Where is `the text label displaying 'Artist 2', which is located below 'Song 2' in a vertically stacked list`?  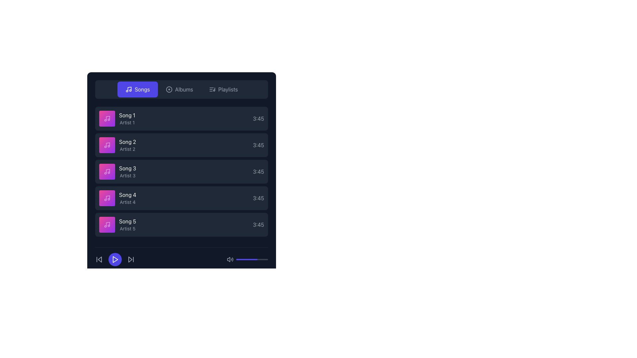
the text label displaying 'Artist 2', which is located below 'Song 2' in a vertically stacked list is located at coordinates (127, 149).